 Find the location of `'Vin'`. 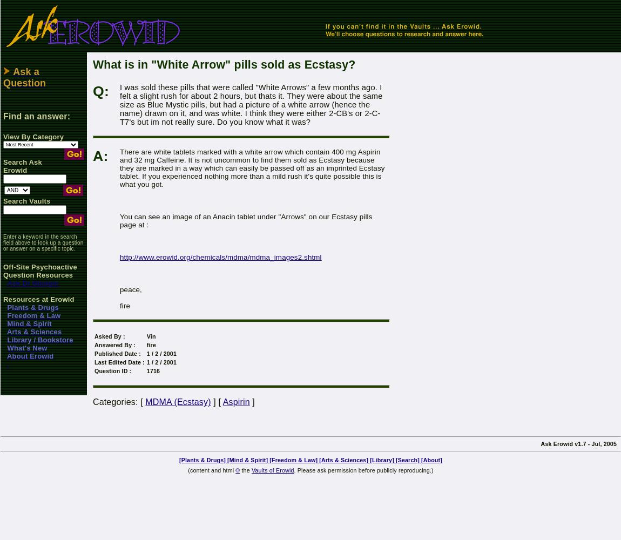

'Vin' is located at coordinates (150, 336).